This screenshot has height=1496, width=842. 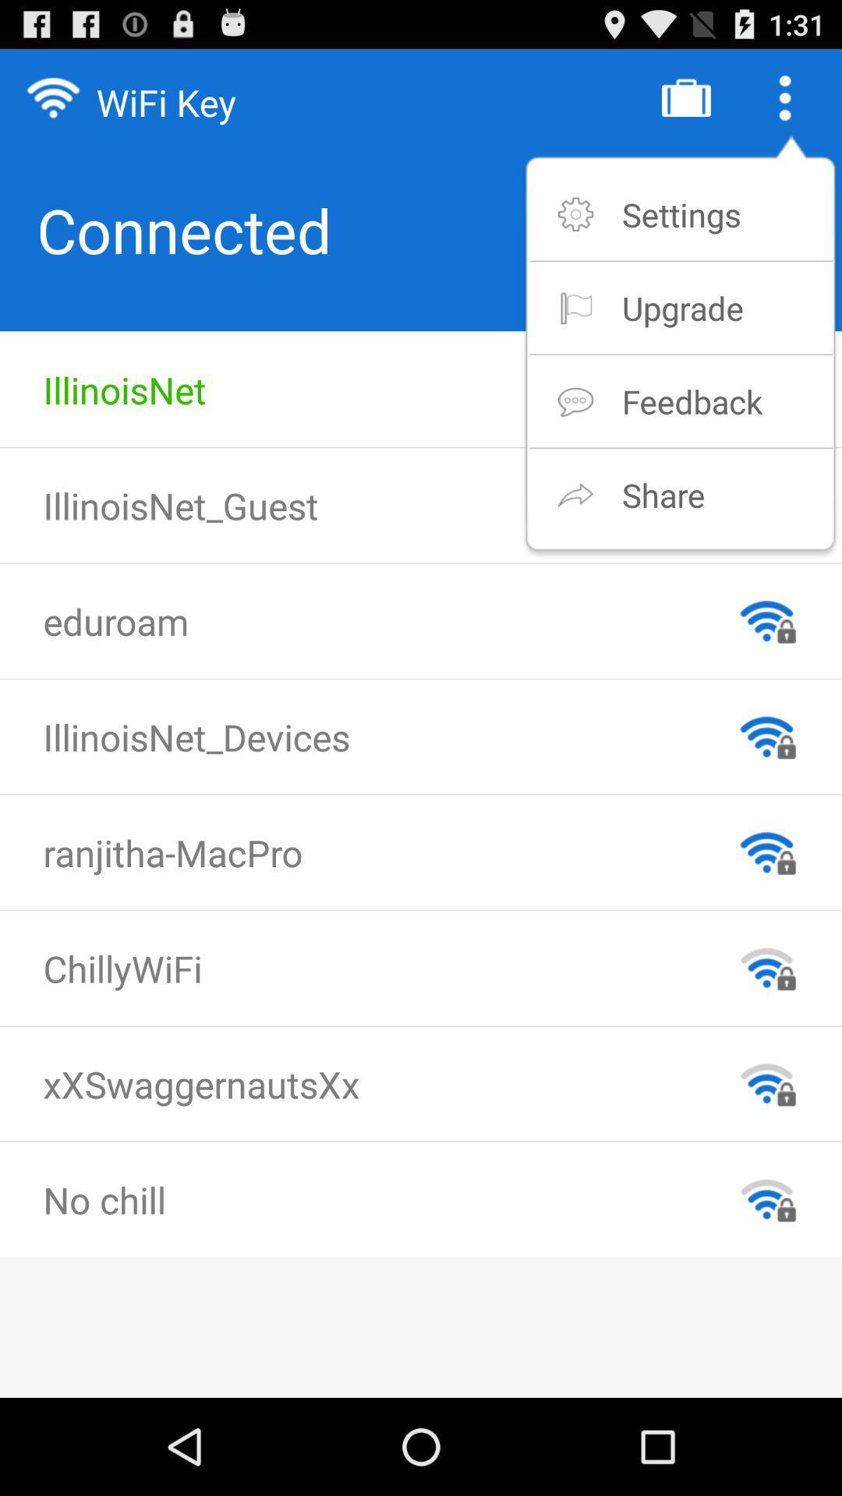 I want to click on the share, so click(x=663, y=494).